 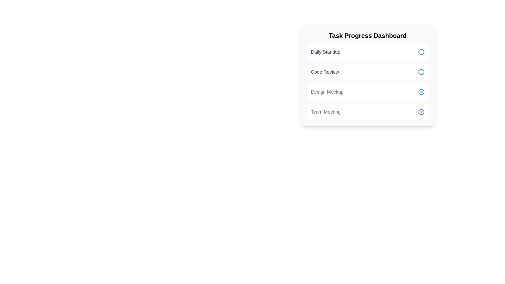 What do you see at coordinates (421, 111) in the screenshot?
I see `the Icon Button indicating the completion of the 'Team Meeting' task` at bounding box center [421, 111].